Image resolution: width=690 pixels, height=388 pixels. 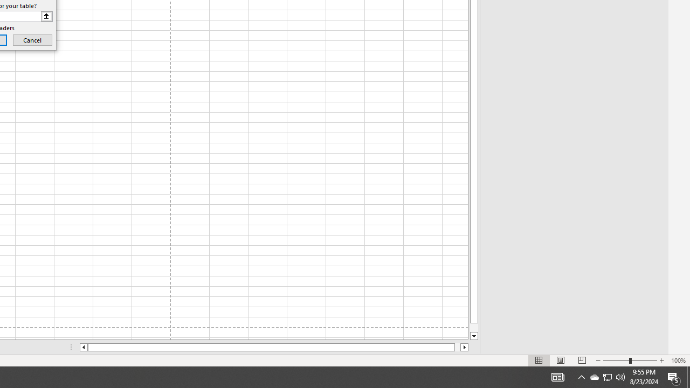 What do you see at coordinates (561, 361) in the screenshot?
I see `'Page Layout'` at bounding box center [561, 361].